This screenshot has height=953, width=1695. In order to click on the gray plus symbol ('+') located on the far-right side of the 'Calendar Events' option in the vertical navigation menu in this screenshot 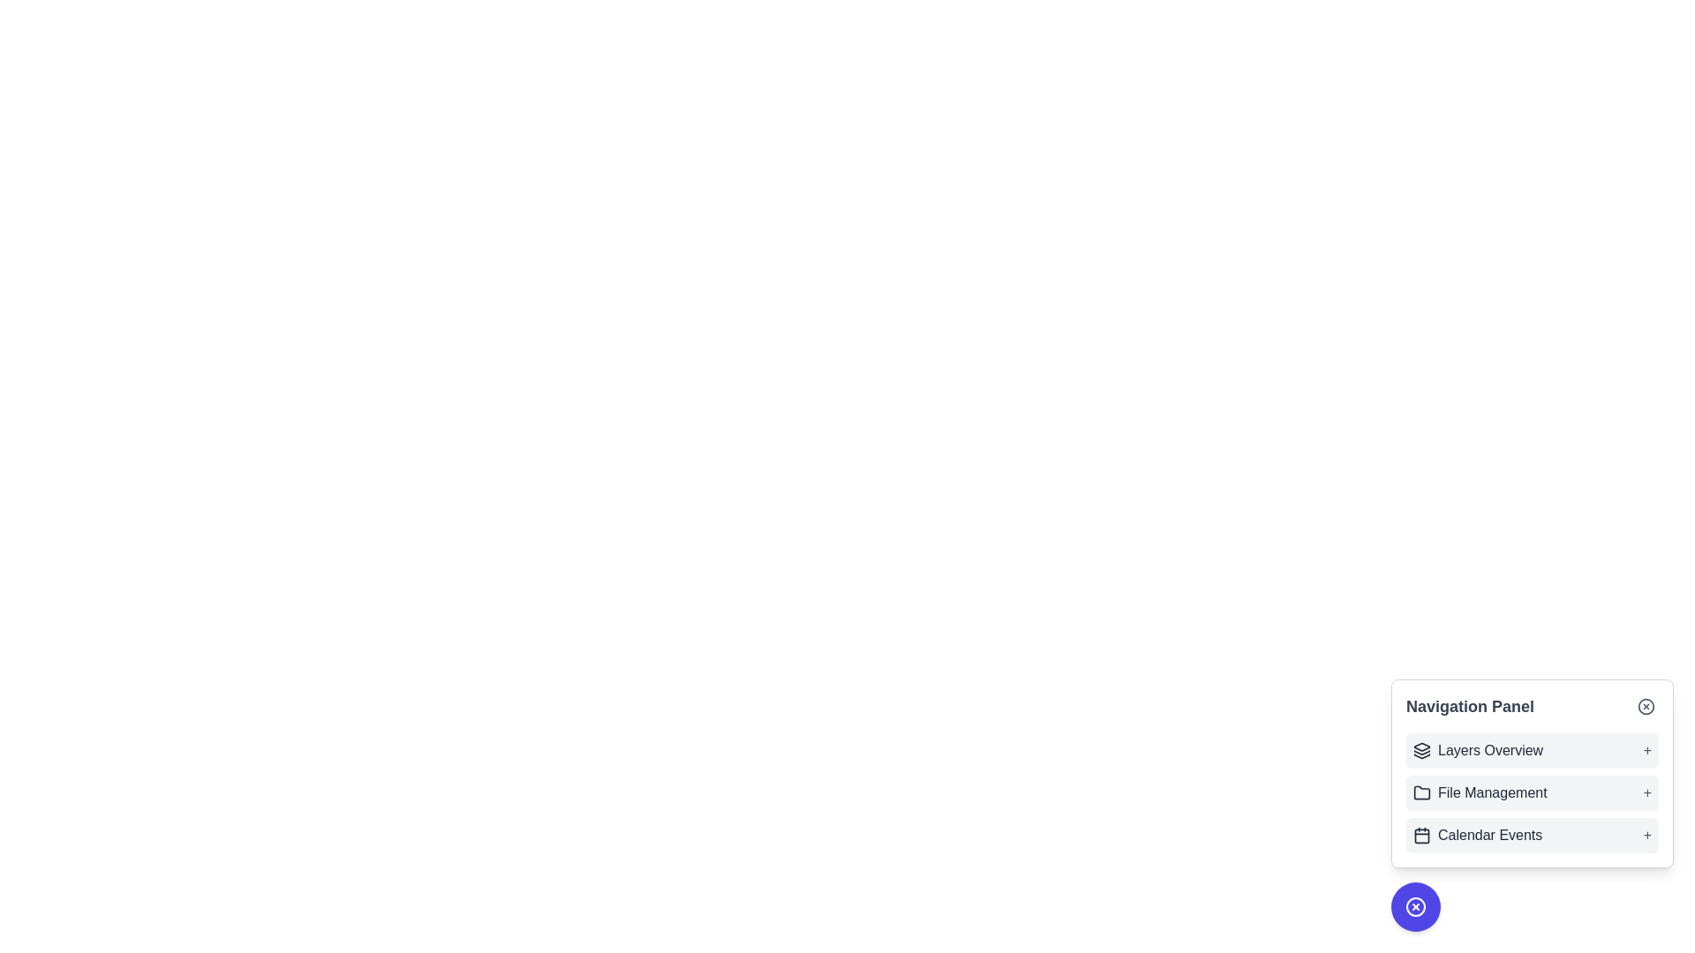, I will do `click(1646, 835)`.